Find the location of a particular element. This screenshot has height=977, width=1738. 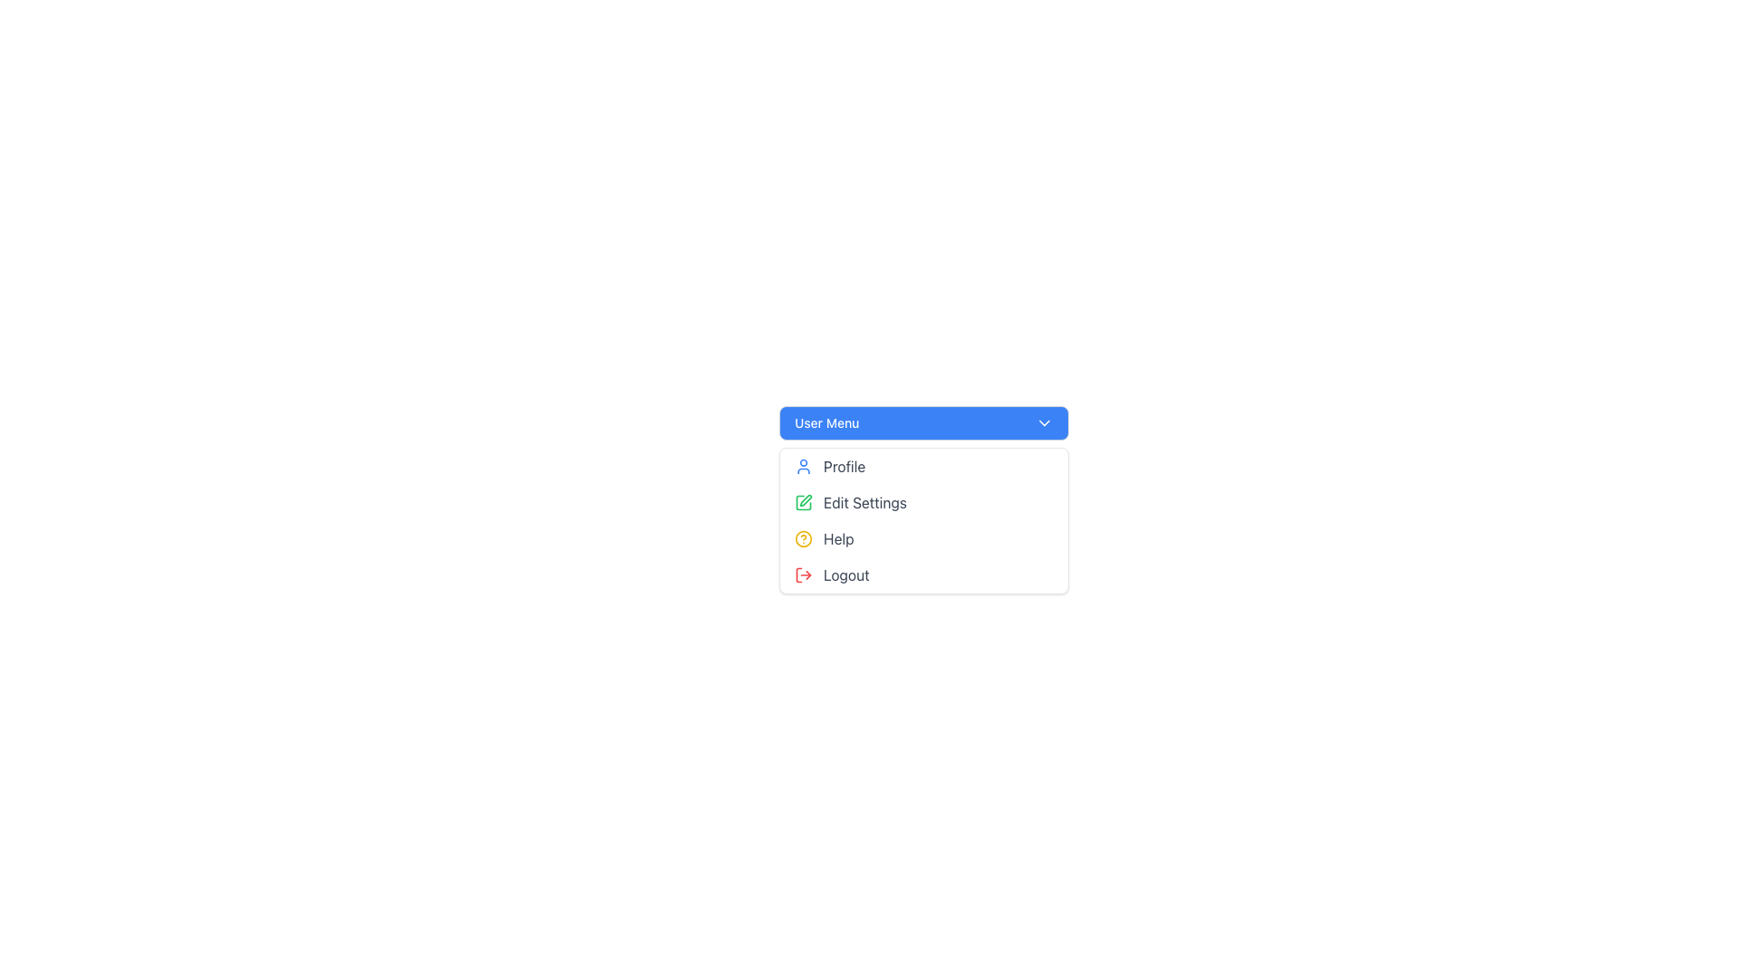

the logout button located at the bottom of the dropdown menu under the 'User Menu' section, which appears after 'Profile', 'Edit Settings', and 'Help' is located at coordinates (924, 575).